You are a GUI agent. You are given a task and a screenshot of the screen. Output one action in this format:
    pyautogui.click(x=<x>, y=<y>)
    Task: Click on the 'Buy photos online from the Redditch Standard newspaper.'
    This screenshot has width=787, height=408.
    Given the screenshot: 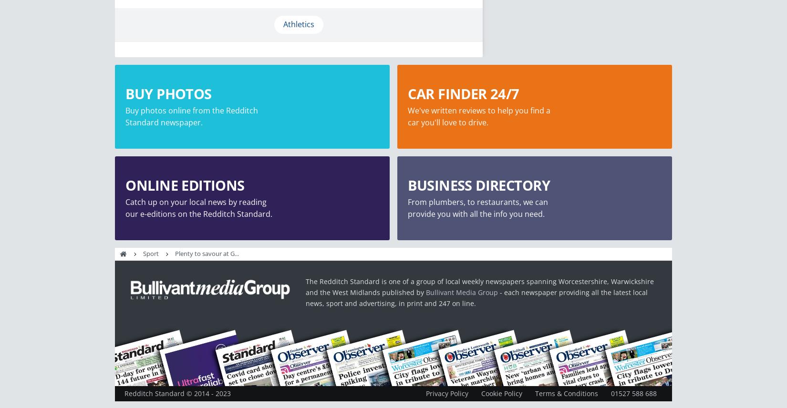 What is the action you would take?
    pyautogui.click(x=125, y=116)
    